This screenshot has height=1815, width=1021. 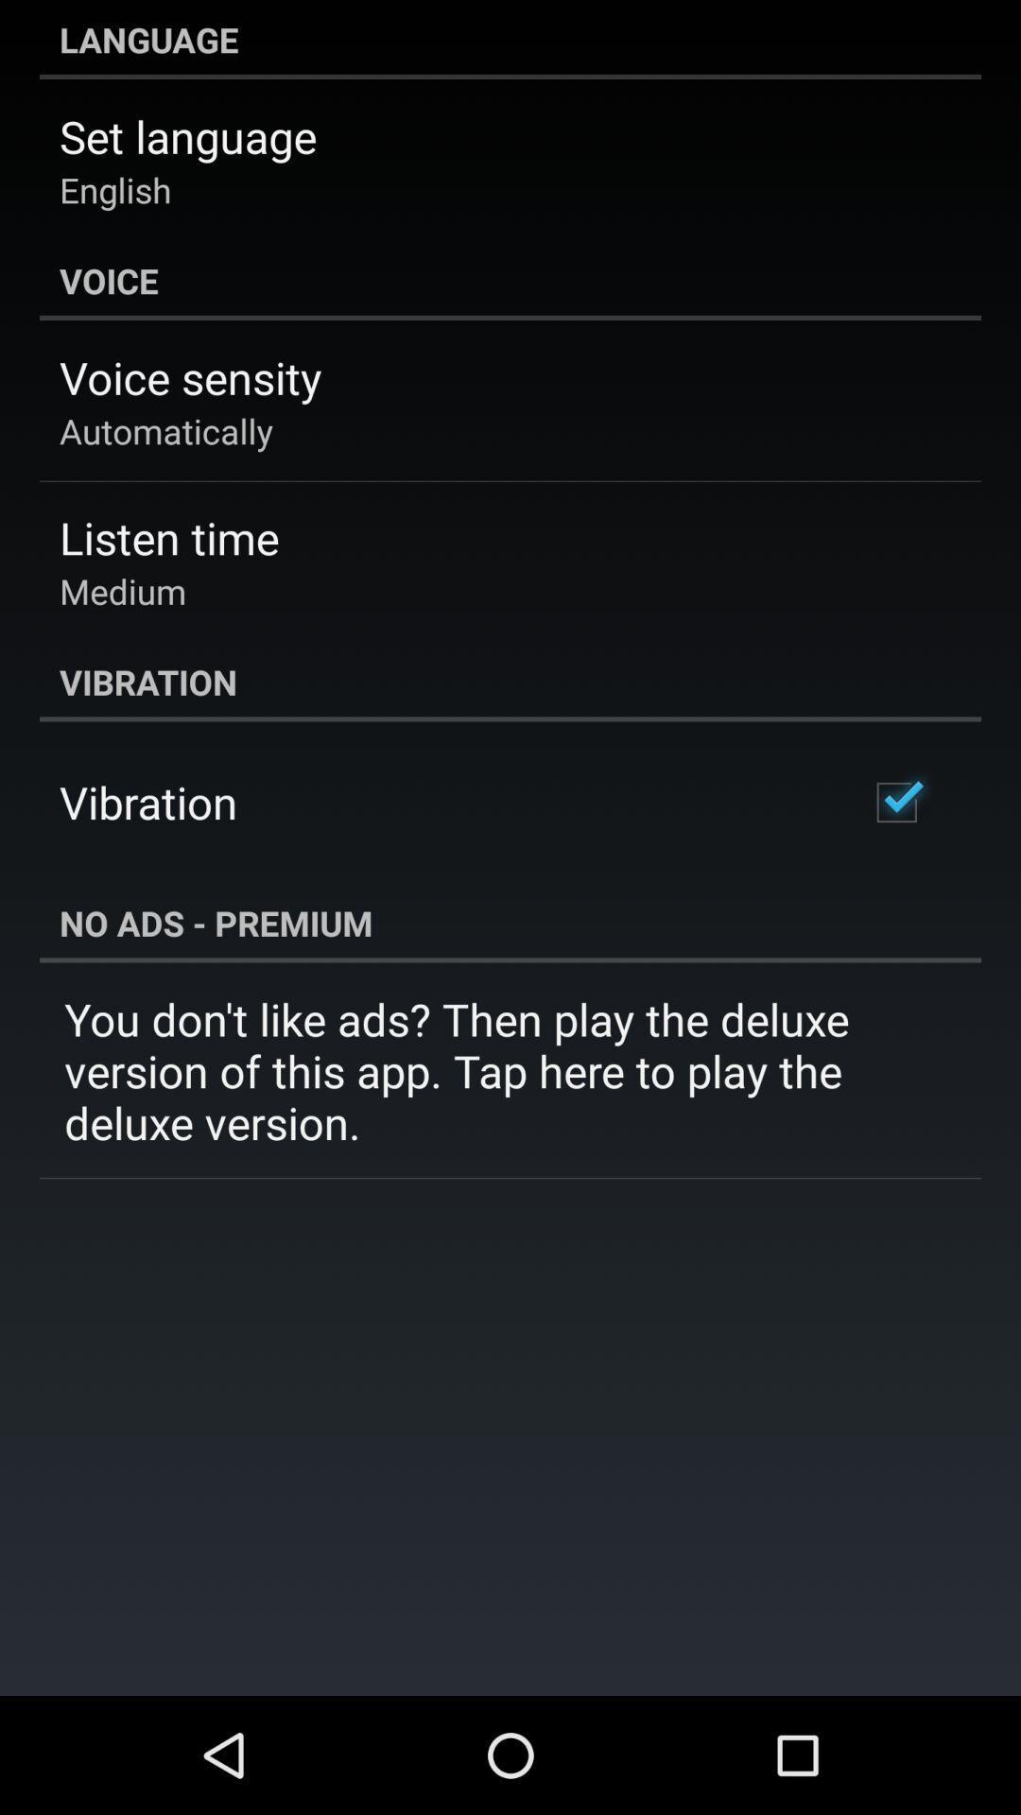 I want to click on voice sensity app, so click(x=190, y=377).